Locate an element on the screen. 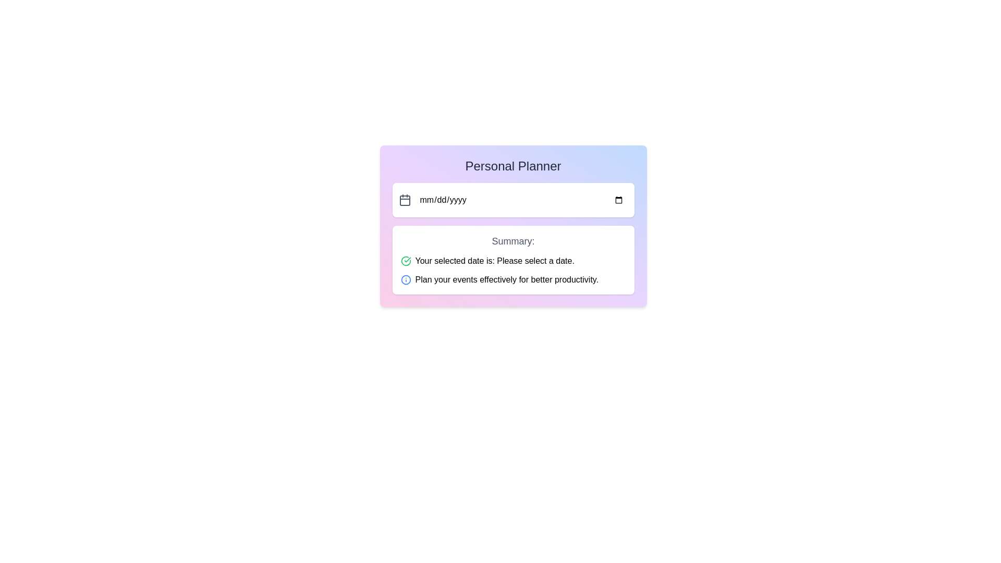 This screenshot has height=563, width=1001. static text label that summarizes the user's selected date, located in the lower section of the interface, second to the right of a green checkmark icon is located at coordinates (494, 261).